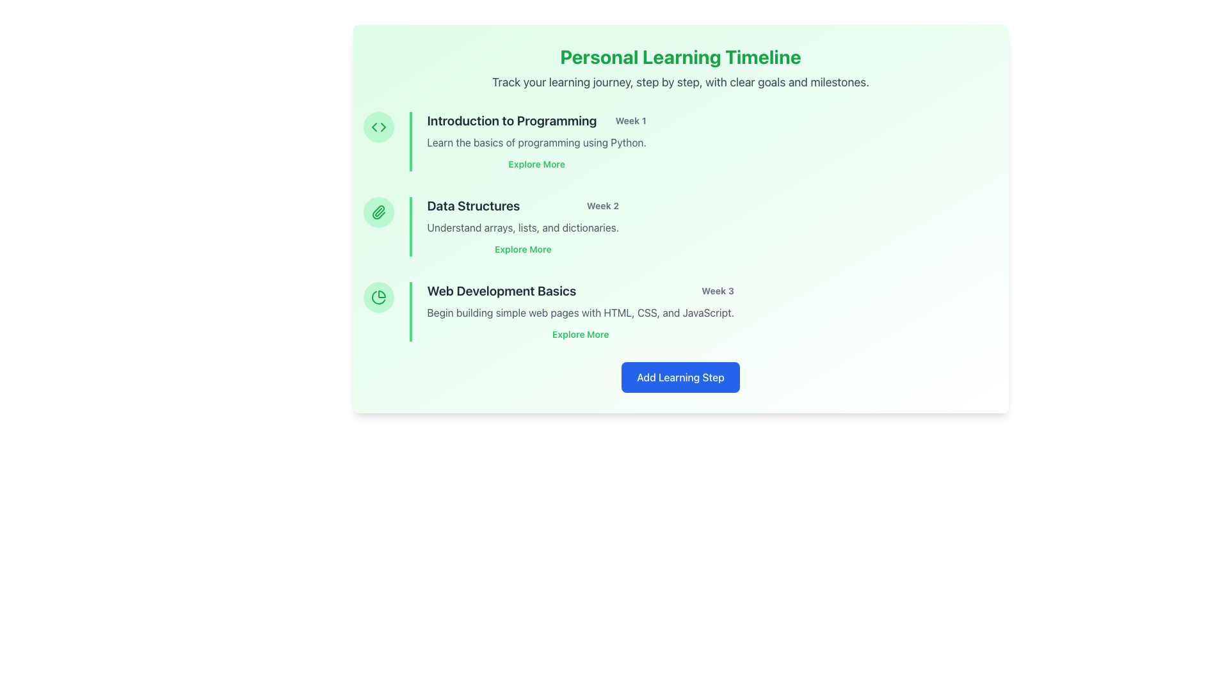  Describe the element at coordinates (377, 211) in the screenshot. I see `the 'Data Structures' module icon, which is positioned to the left of the corresponding learning step in the second position of the list` at that location.